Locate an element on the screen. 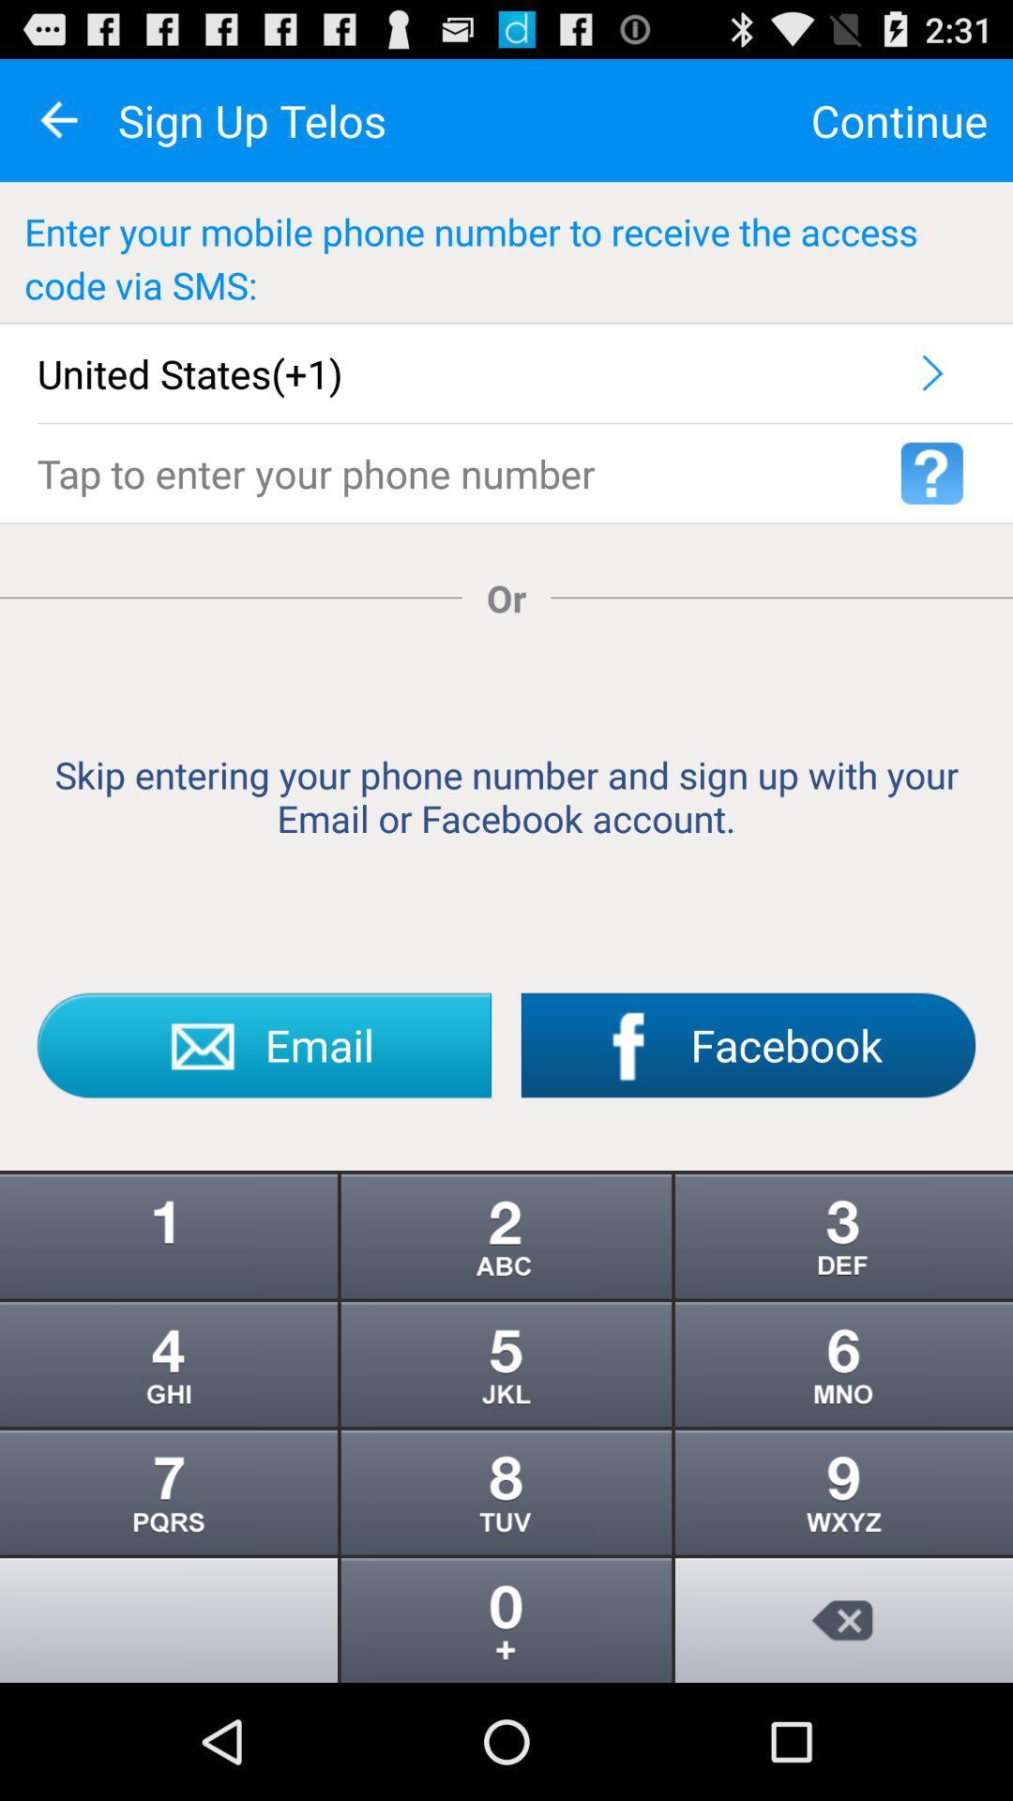 Image resolution: width=1013 pixels, height=1801 pixels. the more icon is located at coordinates (169, 1459).